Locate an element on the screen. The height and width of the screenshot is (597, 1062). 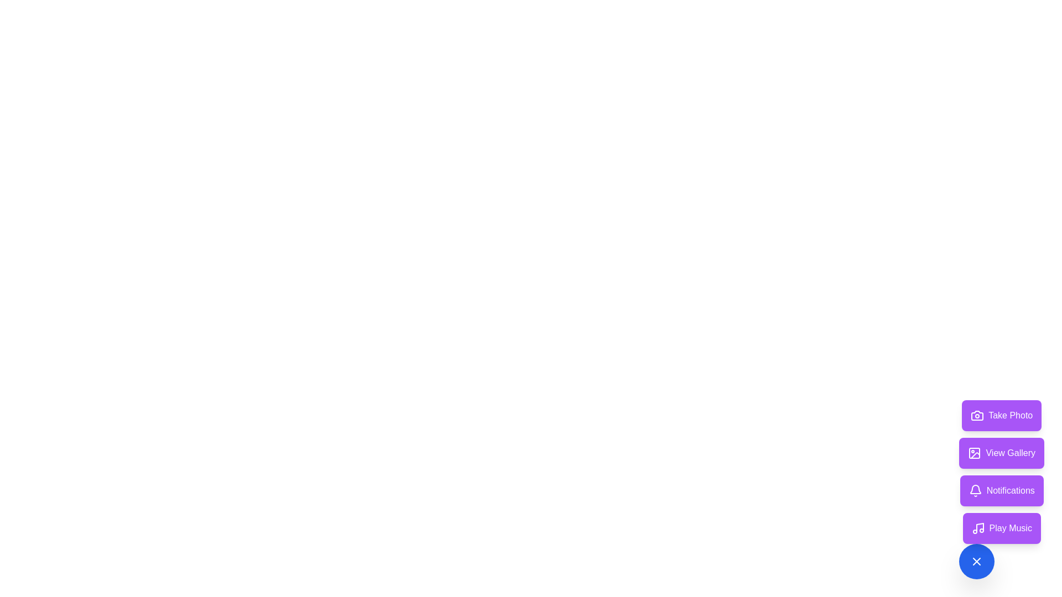
the 'Play Music' label, which is styled in white text on a purple background and is located at the bottom right of the interface as part of a button with a musical note icon is located at coordinates (1011, 528).